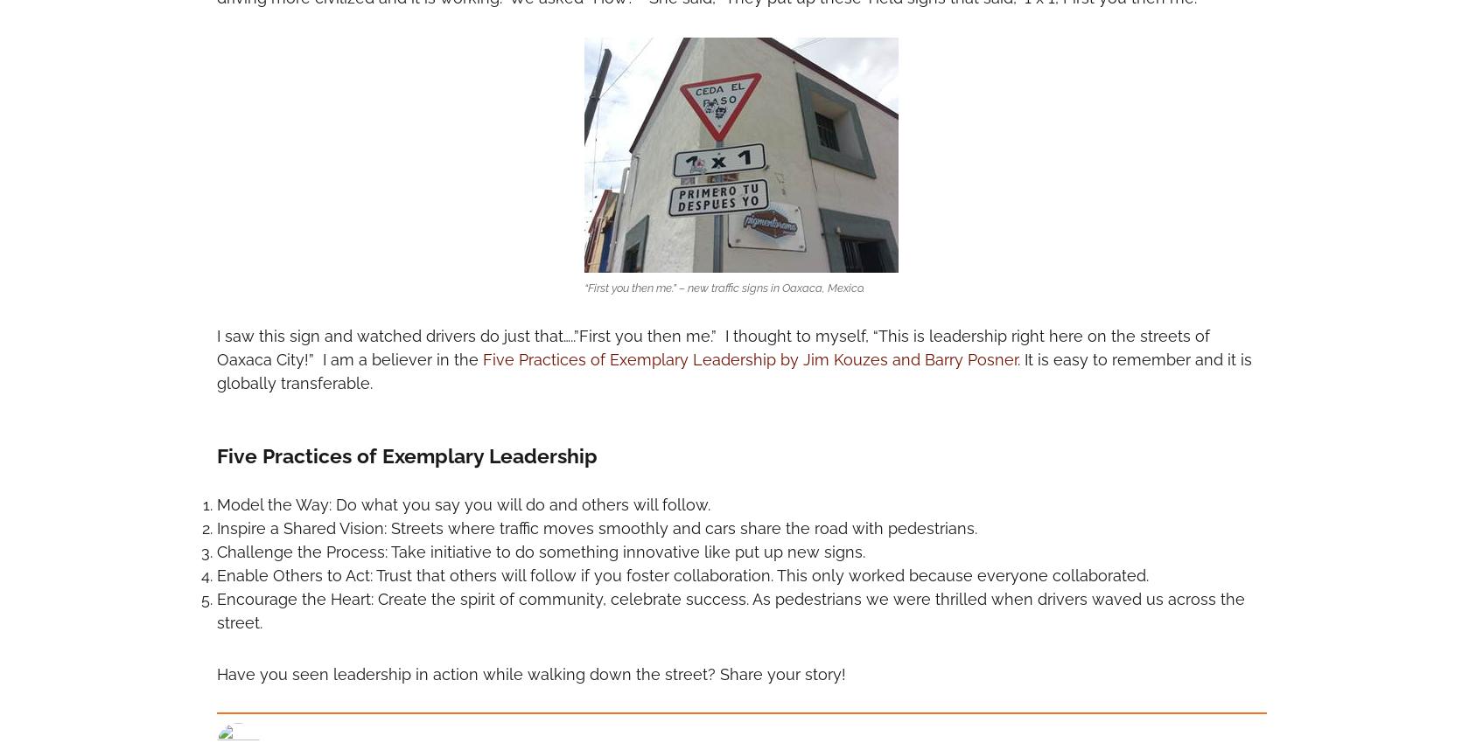 The image size is (1483, 743). Describe the element at coordinates (724, 287) in the screenshot. I see `'“First you then me.” – new traffic signs in Oaxaca, Mexico.'` at that location.